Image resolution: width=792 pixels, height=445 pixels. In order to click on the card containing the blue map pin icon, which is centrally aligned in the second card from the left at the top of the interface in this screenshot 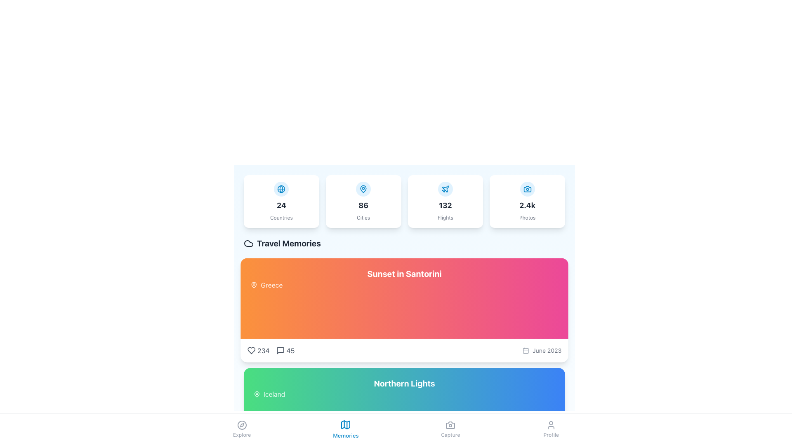, I will do `click(363, 189)`.